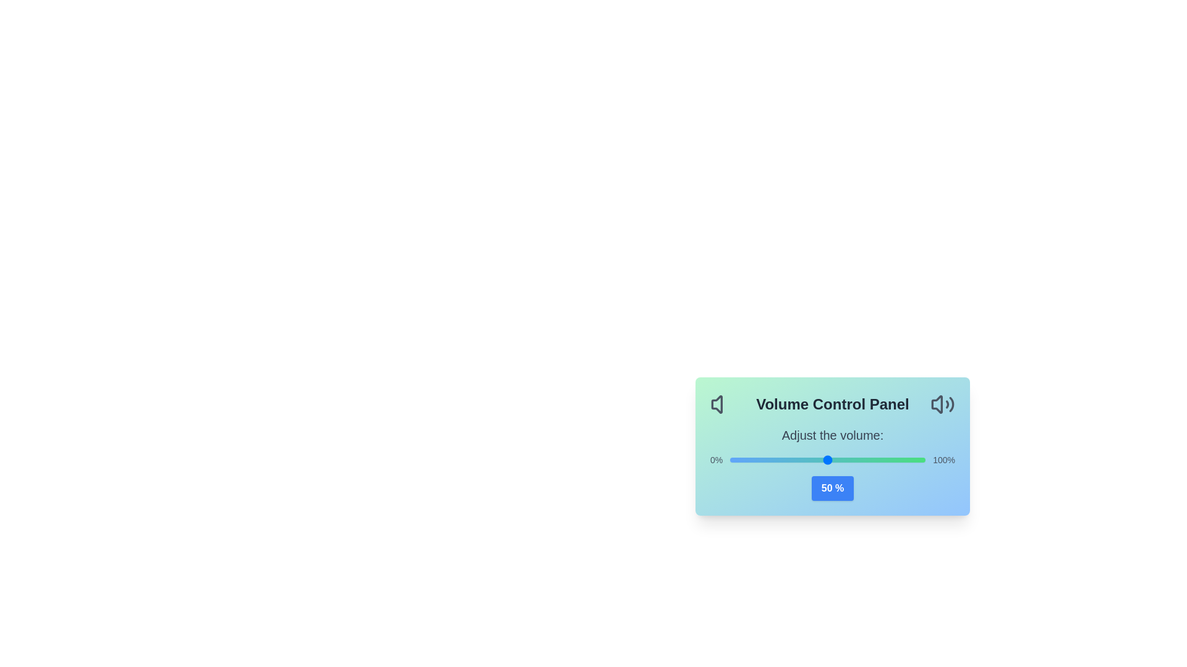  I want to click on the volume slider to 26%, so click(780, 459).